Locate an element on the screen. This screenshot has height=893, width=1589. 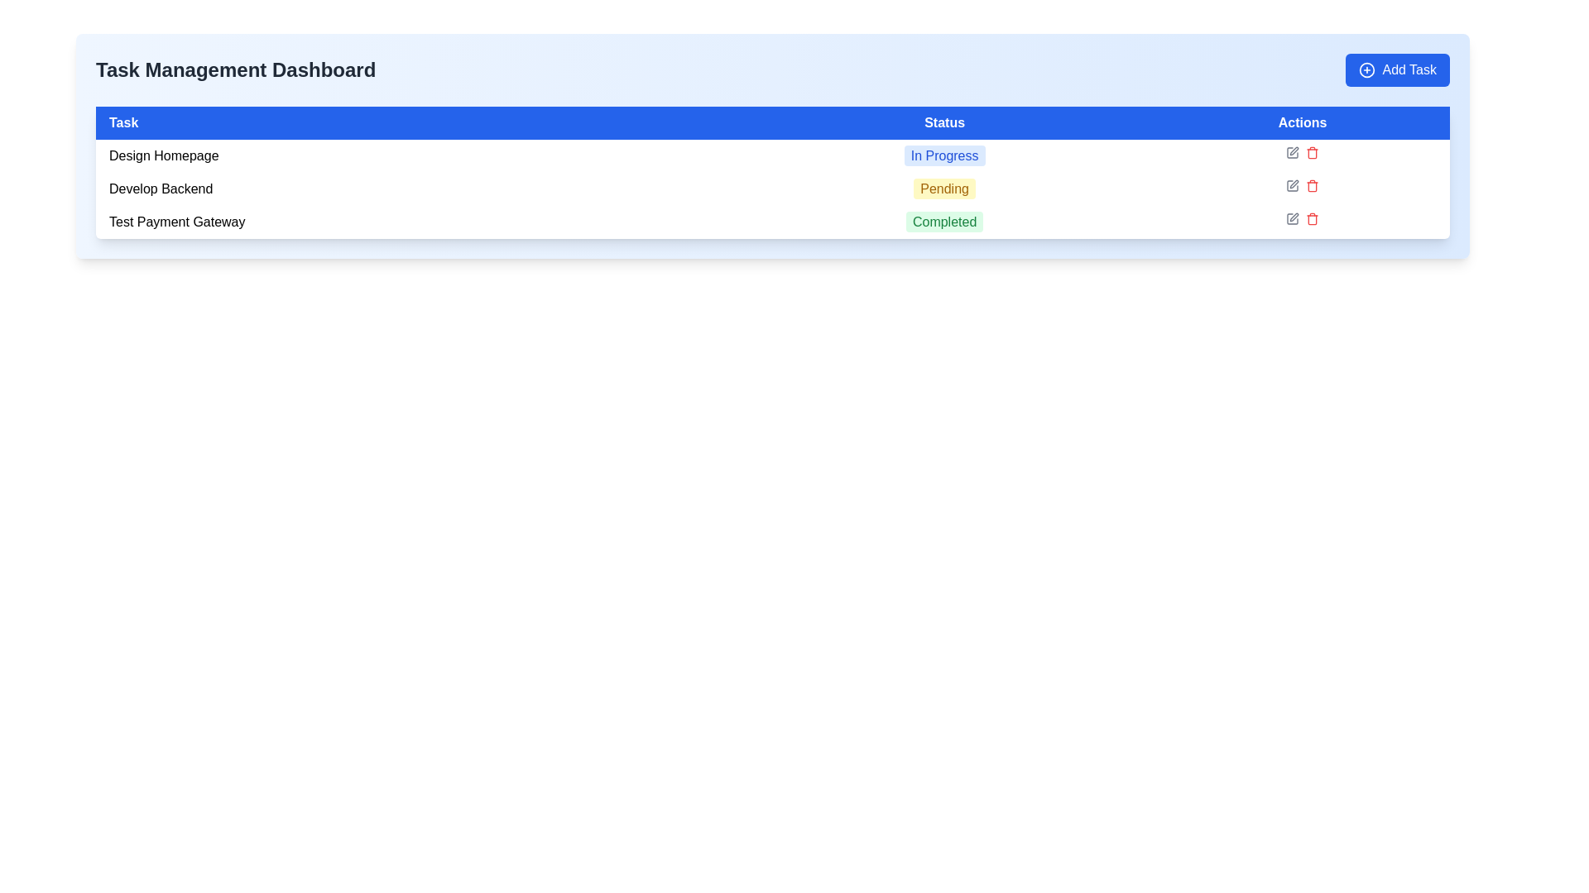
the status badge displaying 'In Progress' with blue text on a light blue background, located in the second column of the table, horizontally centered in its column is located at coordinates (944, 156).